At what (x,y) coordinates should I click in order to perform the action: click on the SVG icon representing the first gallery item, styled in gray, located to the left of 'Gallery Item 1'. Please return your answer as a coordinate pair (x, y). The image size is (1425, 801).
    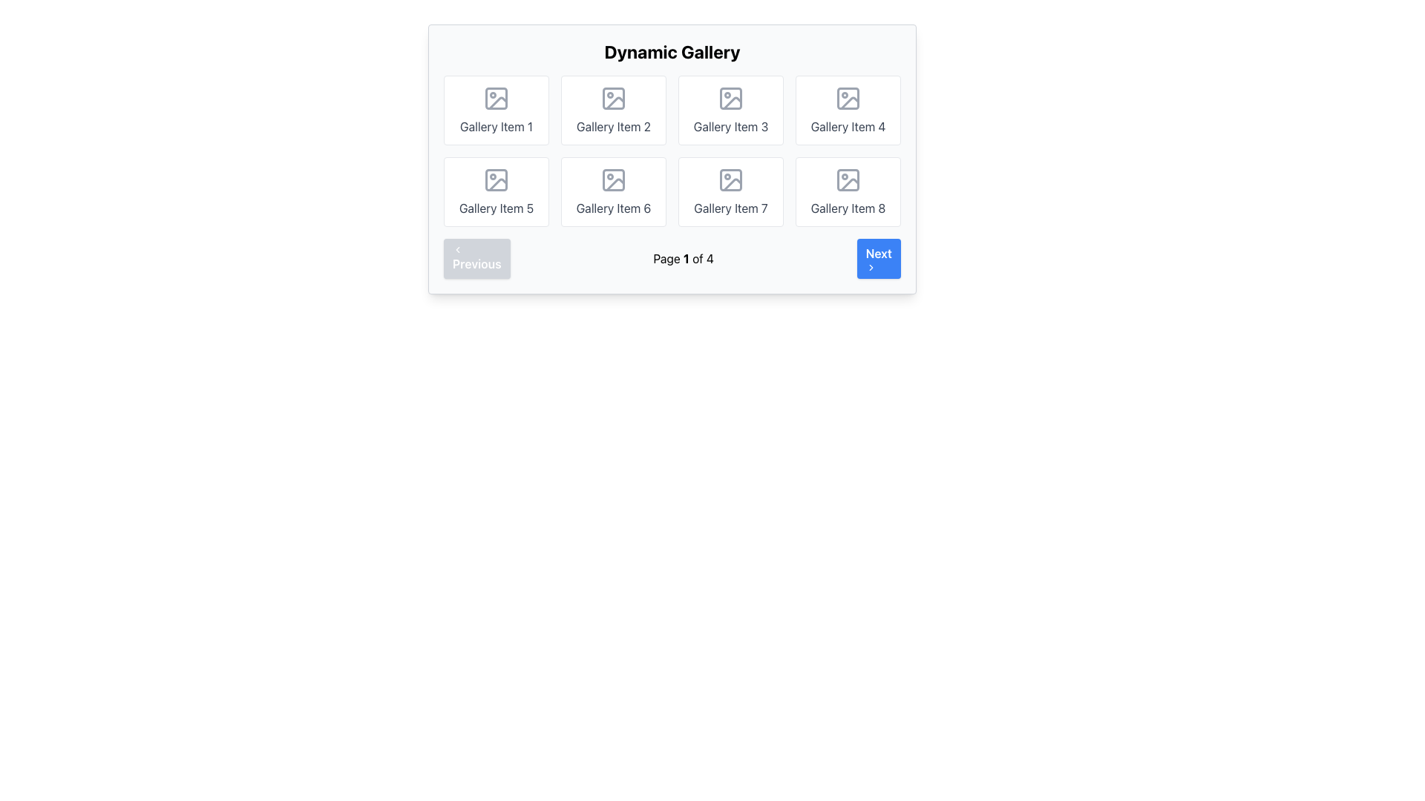
    Looking at the image, I should click on (496, 98).